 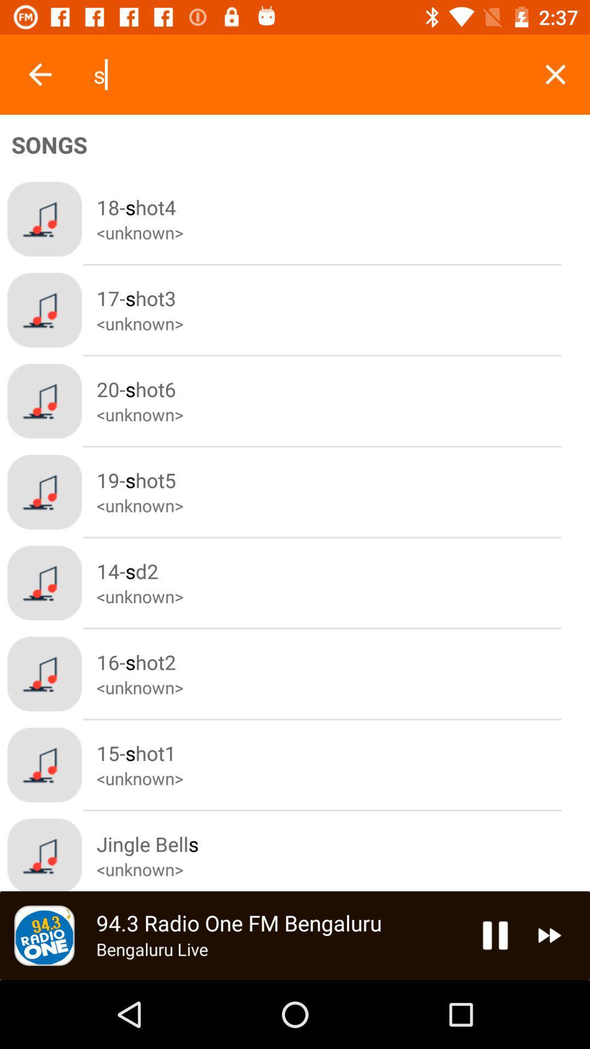 I want to click on the item above songs icon, so click(x=556, y=74).